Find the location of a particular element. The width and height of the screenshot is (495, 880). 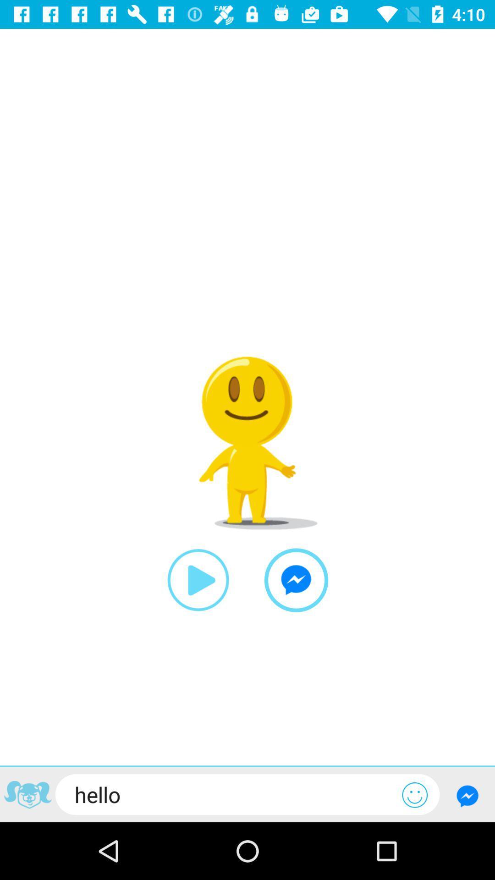

the hello is located at coordinates (228, 794).